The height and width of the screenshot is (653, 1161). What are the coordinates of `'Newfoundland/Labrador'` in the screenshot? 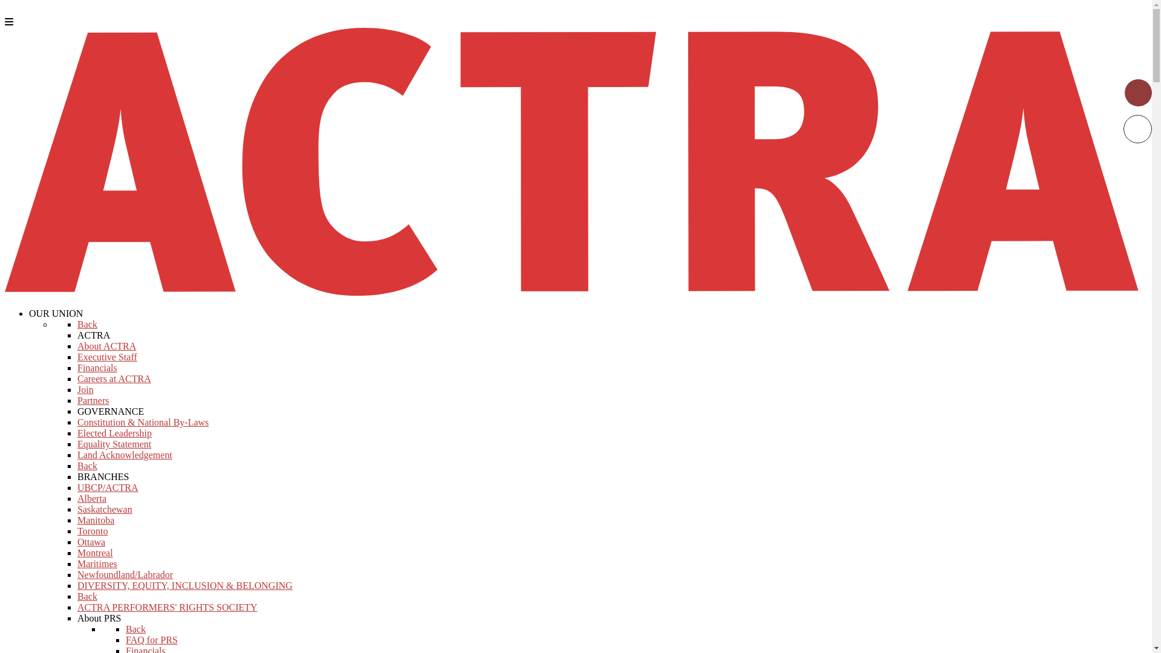 It's located at (125, 574).